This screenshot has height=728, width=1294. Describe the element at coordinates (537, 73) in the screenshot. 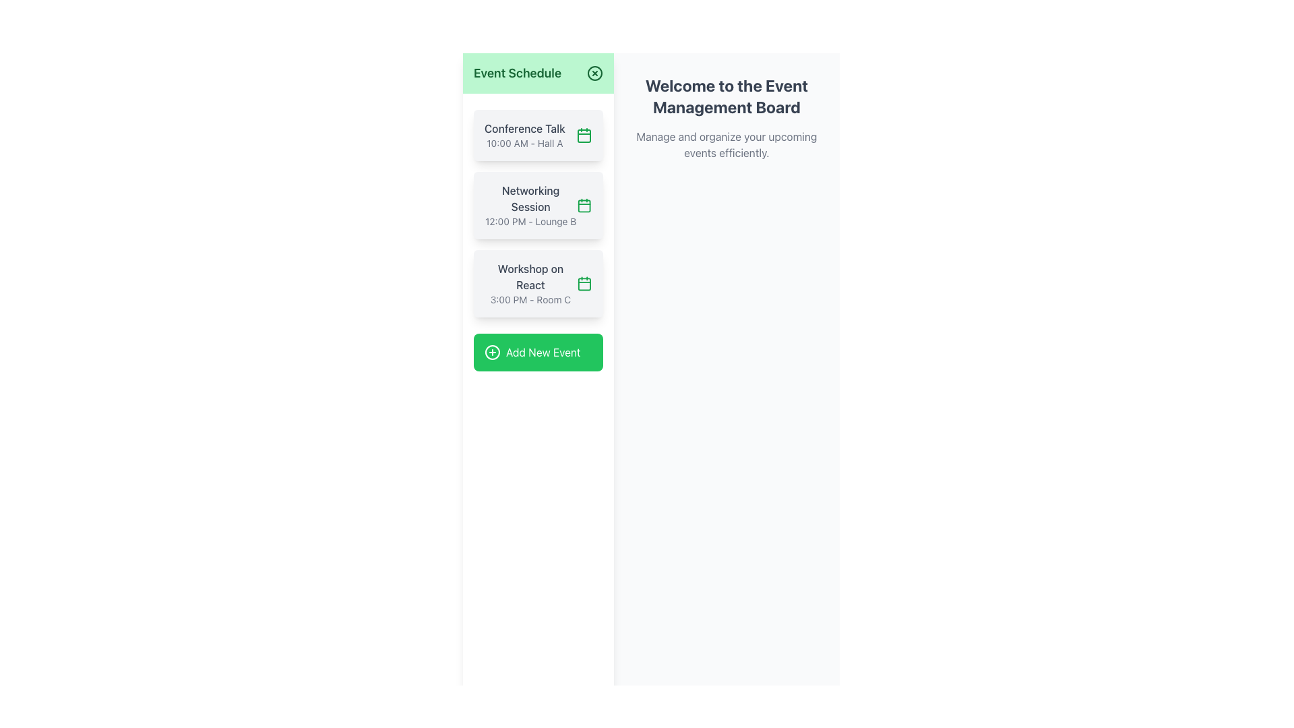

I see `the text of the Header bar located at the top of the left panel, which displays the title and action icon for the event section` at that location.